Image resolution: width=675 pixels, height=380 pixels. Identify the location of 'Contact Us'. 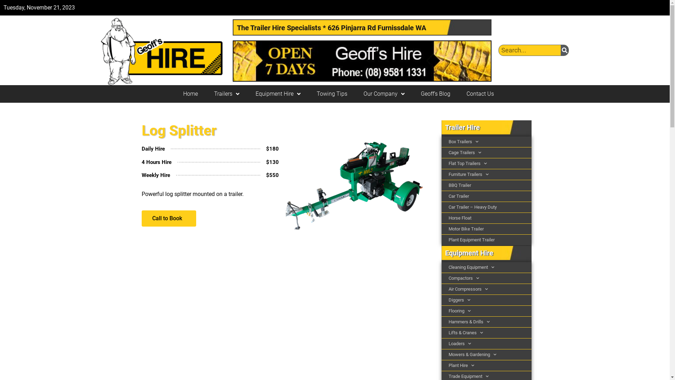
(479, 93).